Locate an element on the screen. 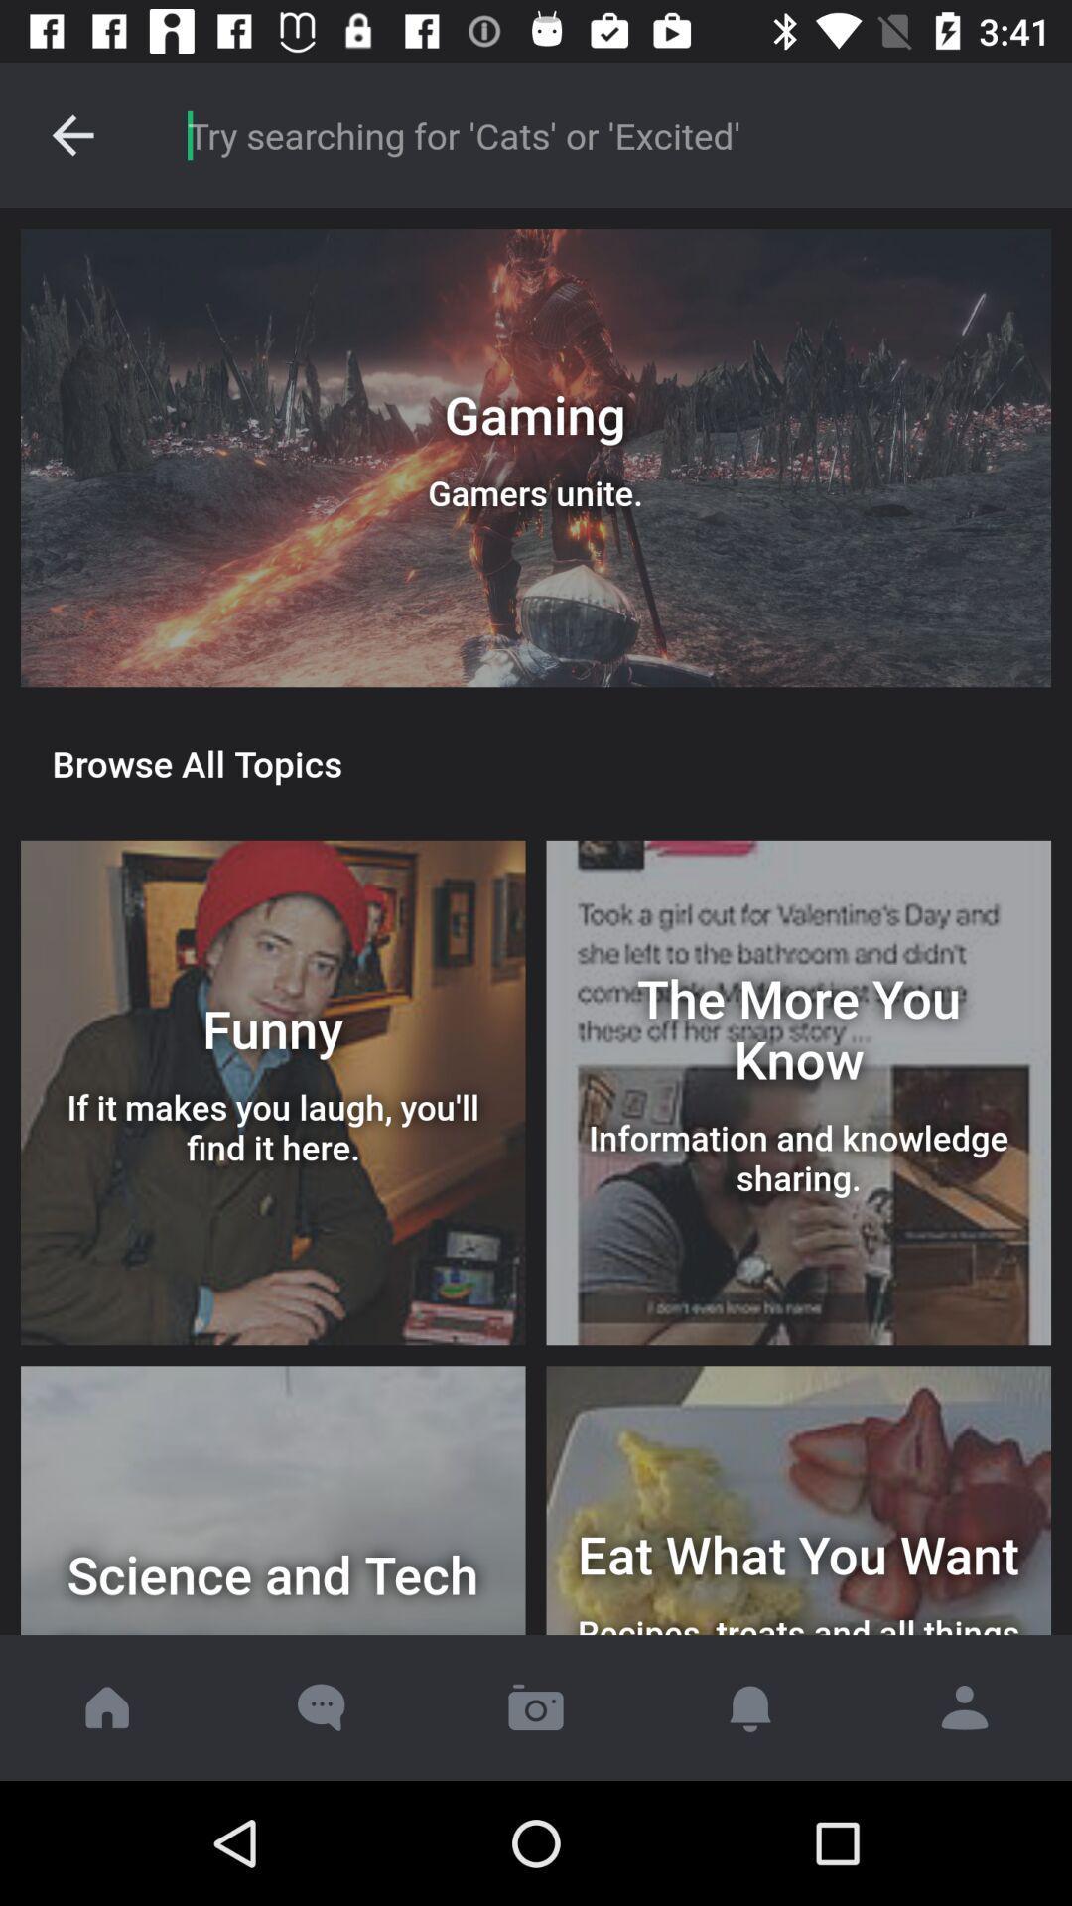  the icon at the top left corner is located at coordinates (71, 134).